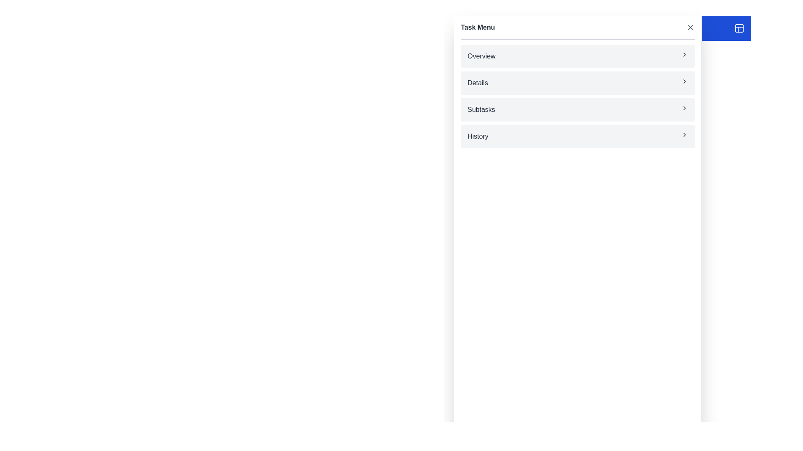  I want to click on the 'History' menu item text label, so click(478, 136).